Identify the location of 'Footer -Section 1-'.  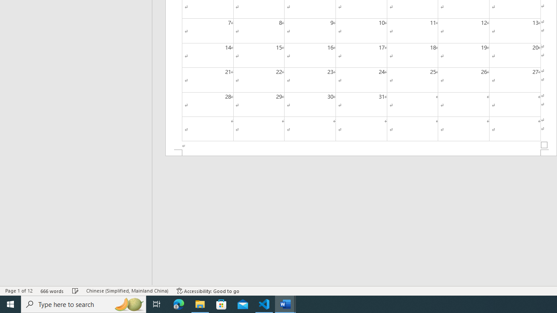
(361, 152).